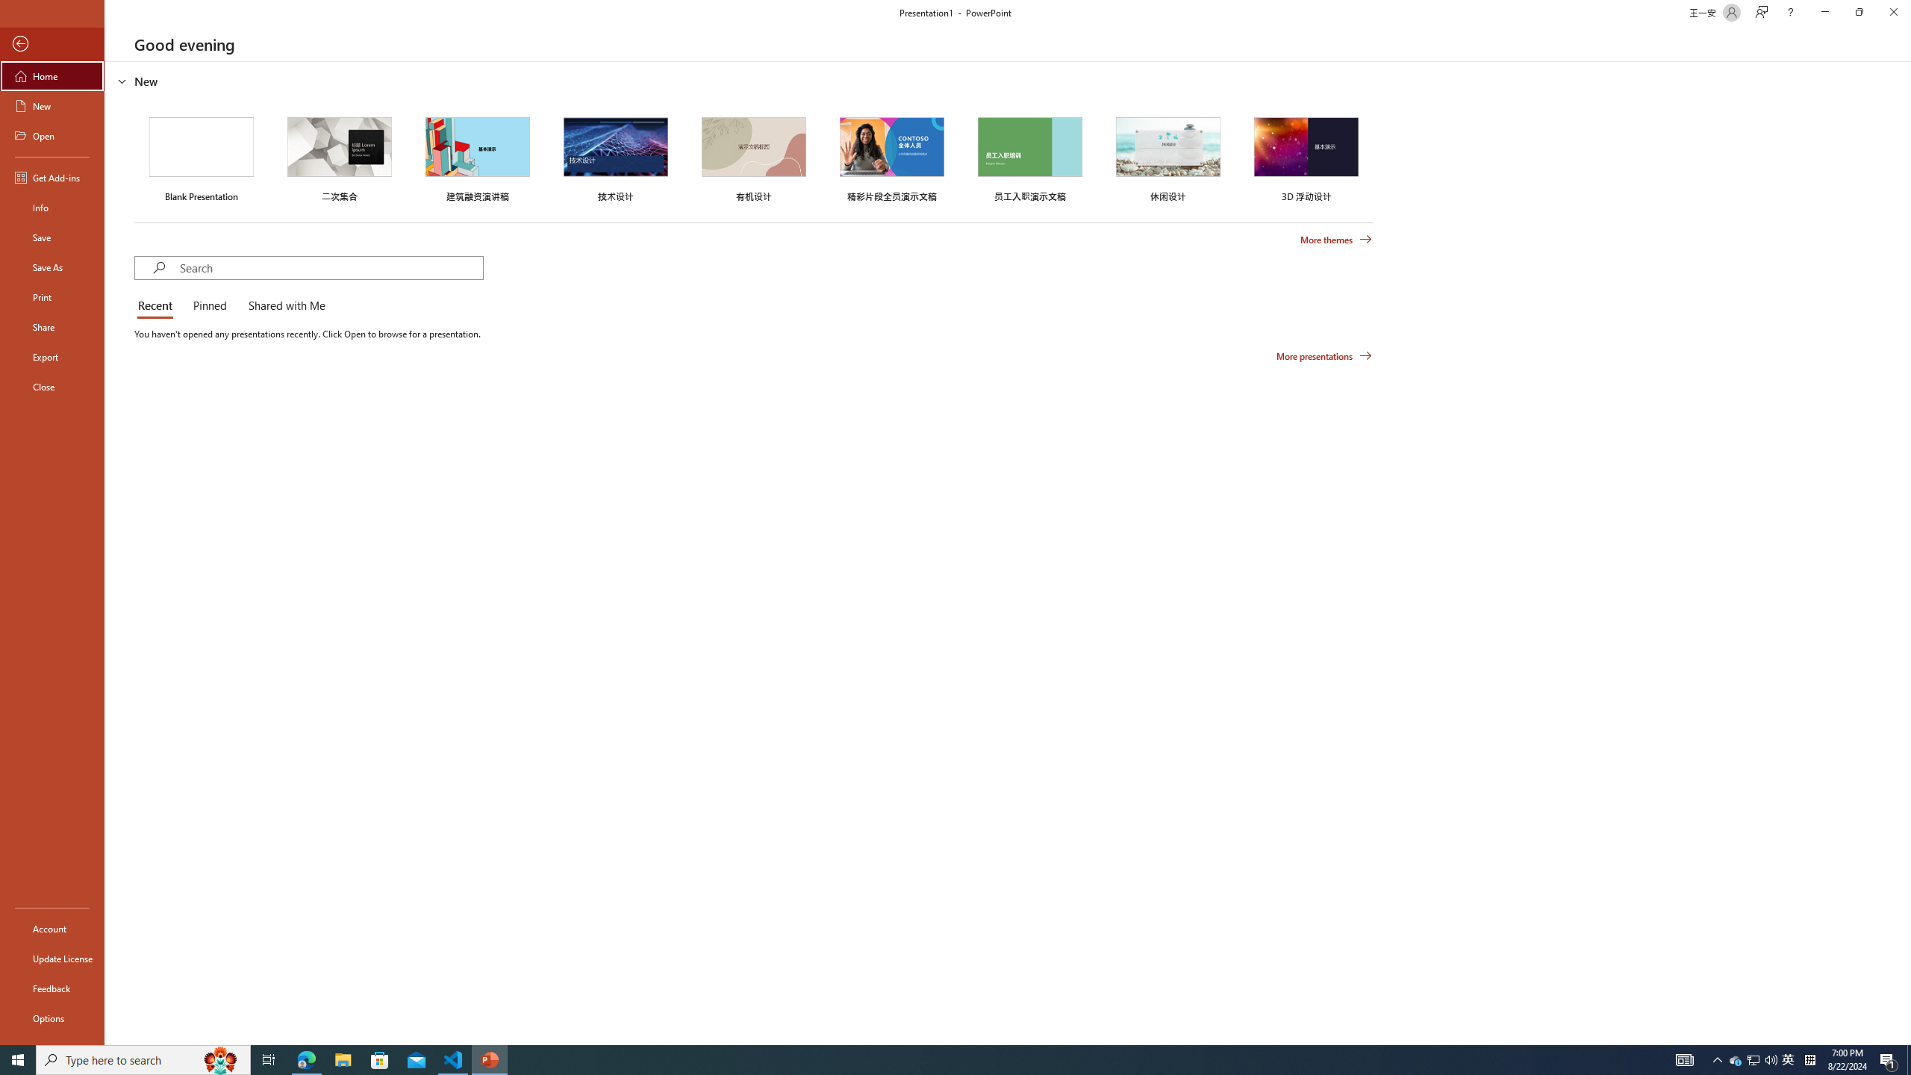 The width and height of the screenshot is (1911, 1075). Describe the element at coordinates (52, 105) in the screenshot. I see `'New'` at that location.